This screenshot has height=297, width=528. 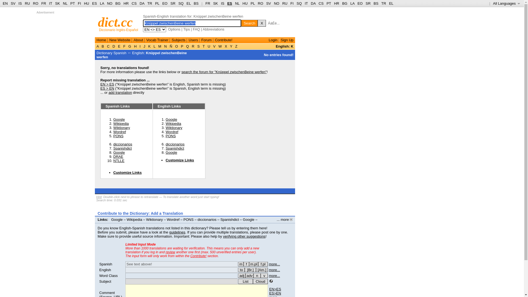 I want to click on 'Hint', so click(x=99, y=197).